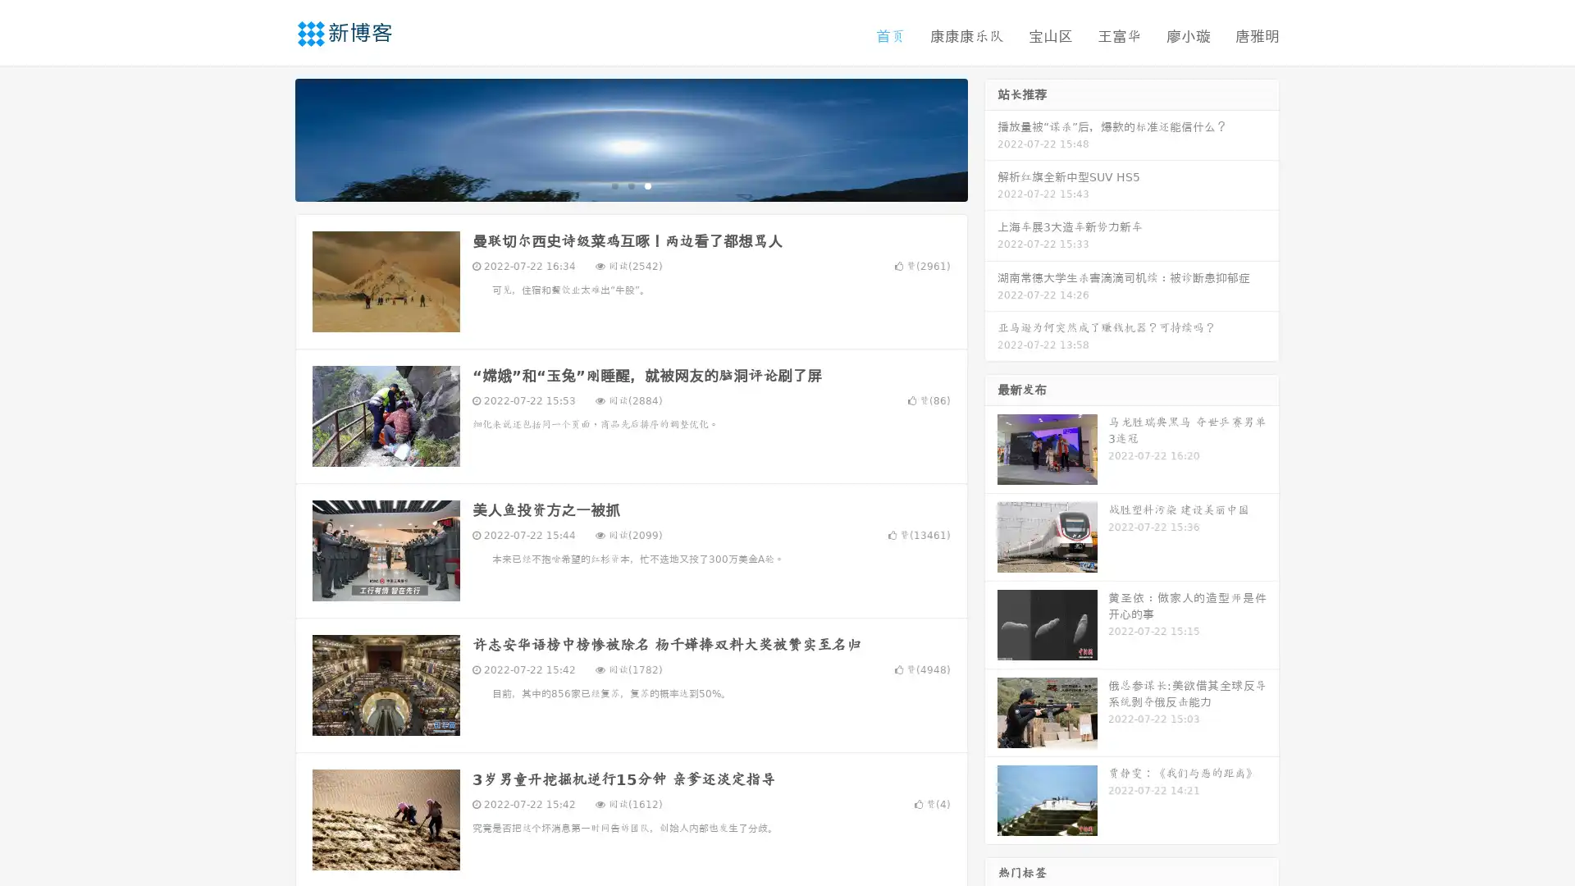  I want to click on Next slide, so click(991, 138).